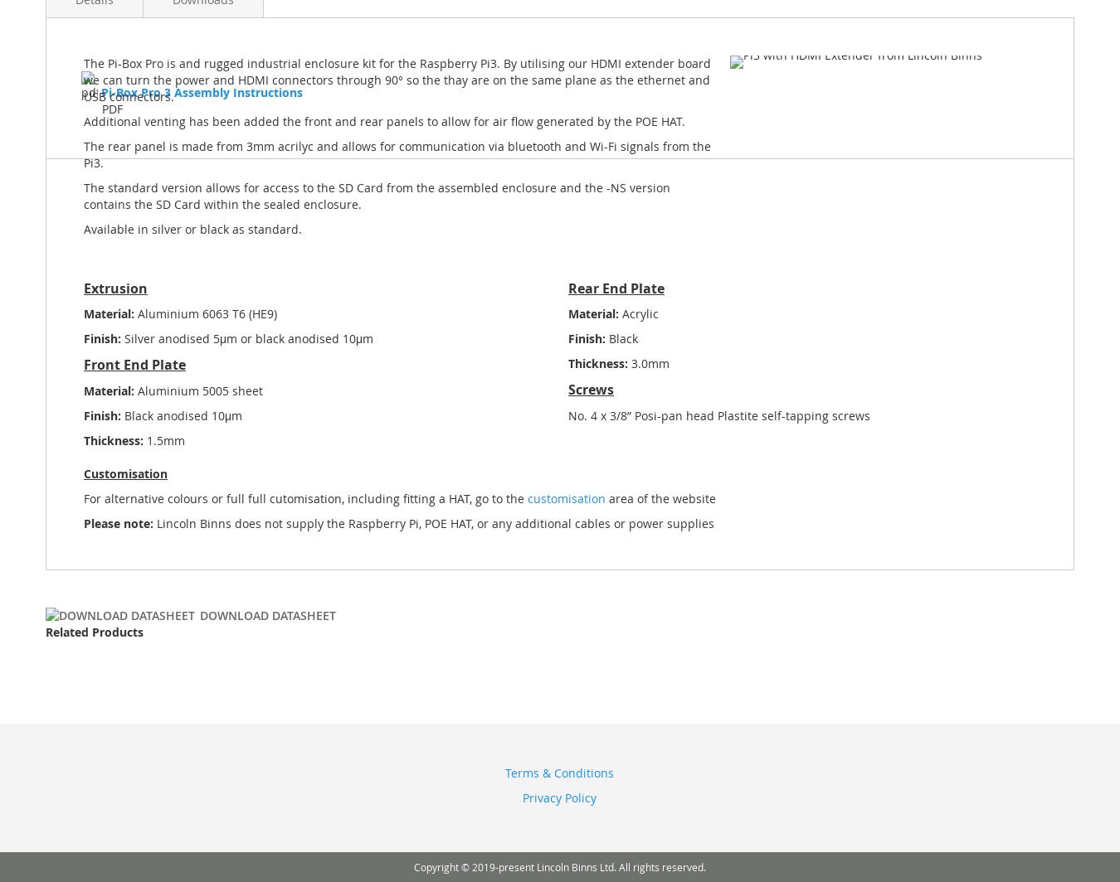 Image resolution: width=1120 pixels, height=882 pixels. What do you see at coordinates (164, 440) in the screenshot?
I see `'1.5mm'` at bounding box center [164, 440].